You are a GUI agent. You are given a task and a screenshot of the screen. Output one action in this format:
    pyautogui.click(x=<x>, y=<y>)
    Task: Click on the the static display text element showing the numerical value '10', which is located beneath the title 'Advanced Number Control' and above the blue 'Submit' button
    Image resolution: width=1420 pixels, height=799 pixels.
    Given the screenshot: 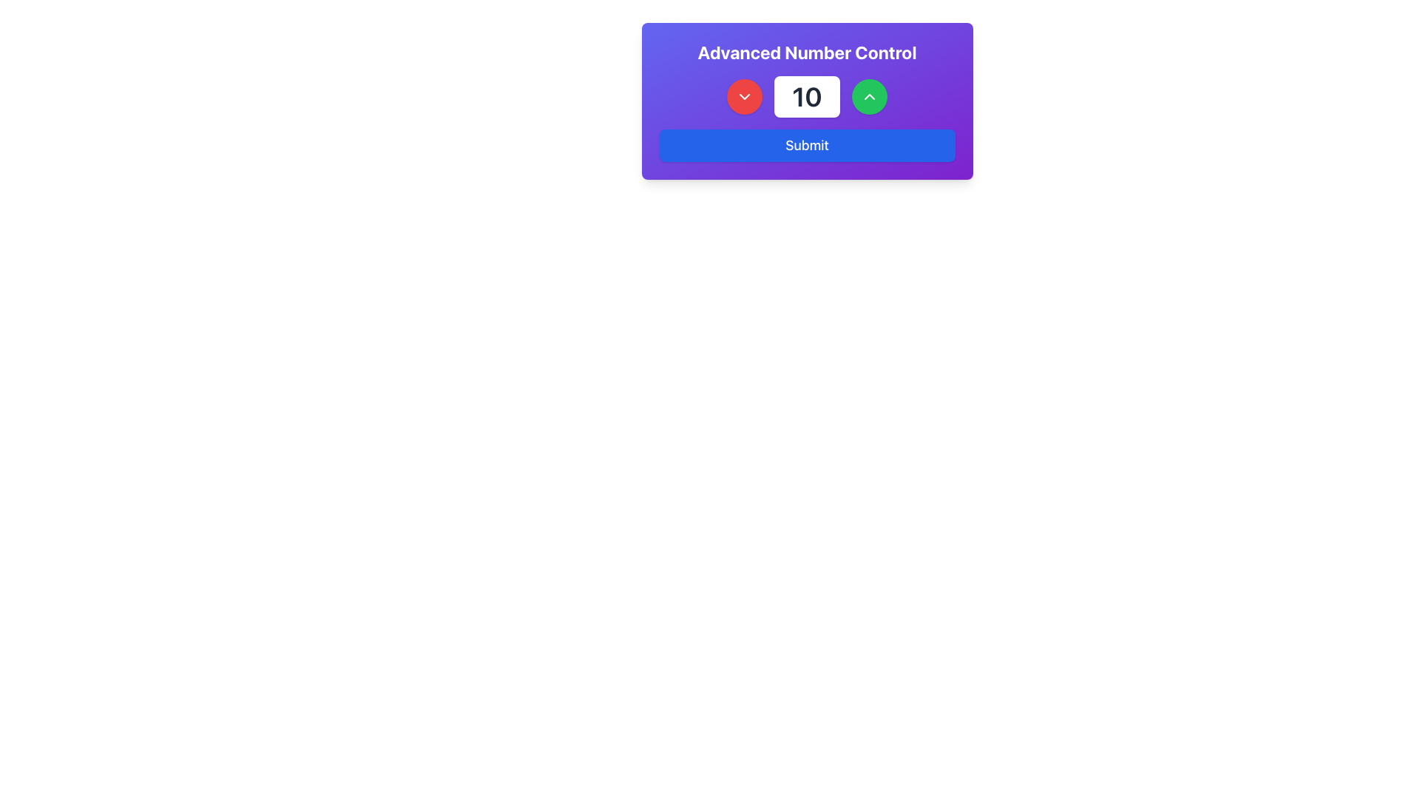 What is the action you would take?
    pyautogui.click(x=806, y=97)
    